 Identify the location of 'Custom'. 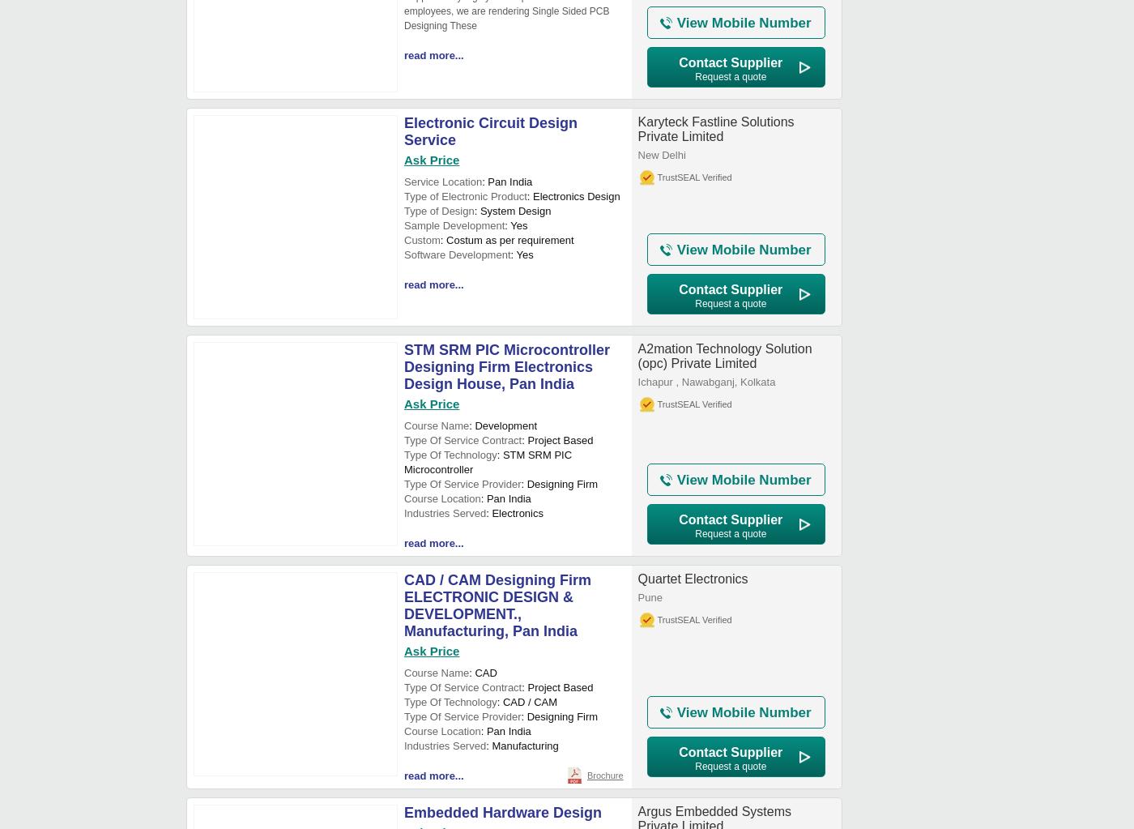
(421, 239).